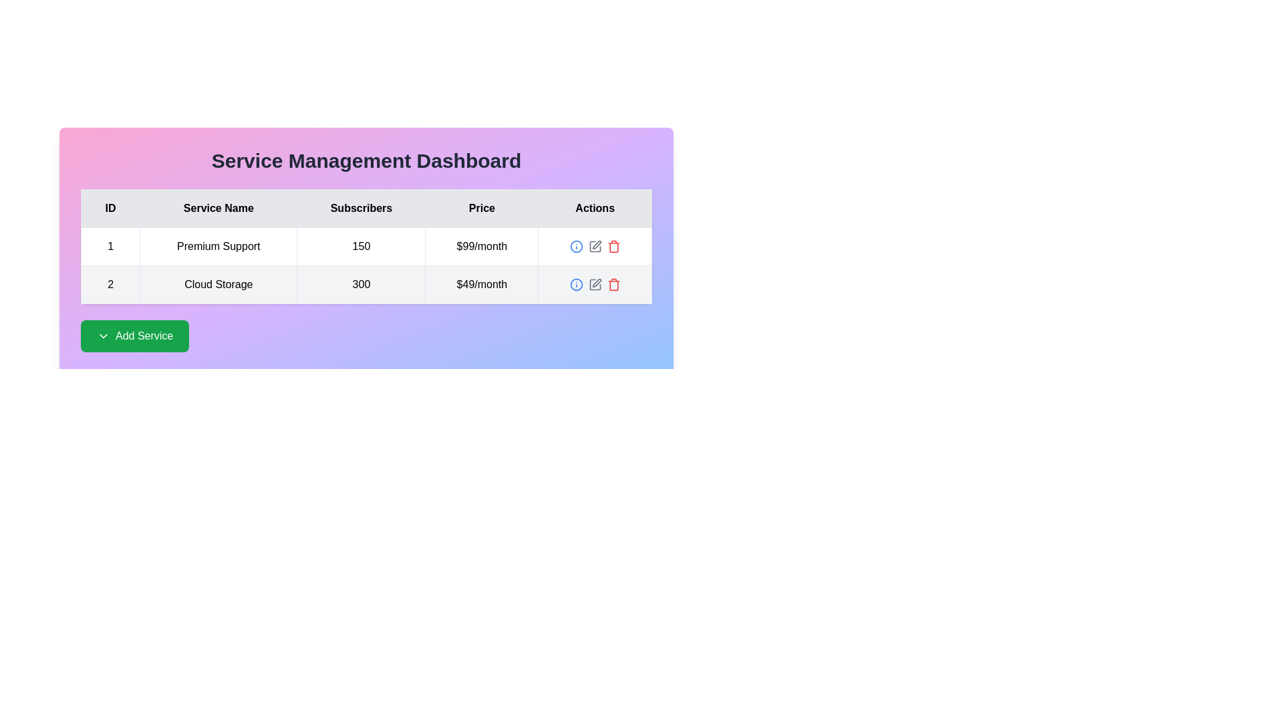 This screenshot has width=1283, height=722. I want to click on the delete icon in the actions column of the first row corresponding to 'Premium Support', so click(613, 247).